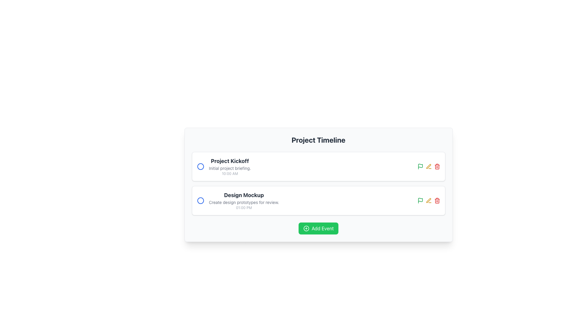  Describe the element at coordinates (318, 228) in the screenshot. I see `the green button labeled 'Add Event' with a white plus icon on its left side, located at the bottom of the 'Project Timeline' section` at that location.